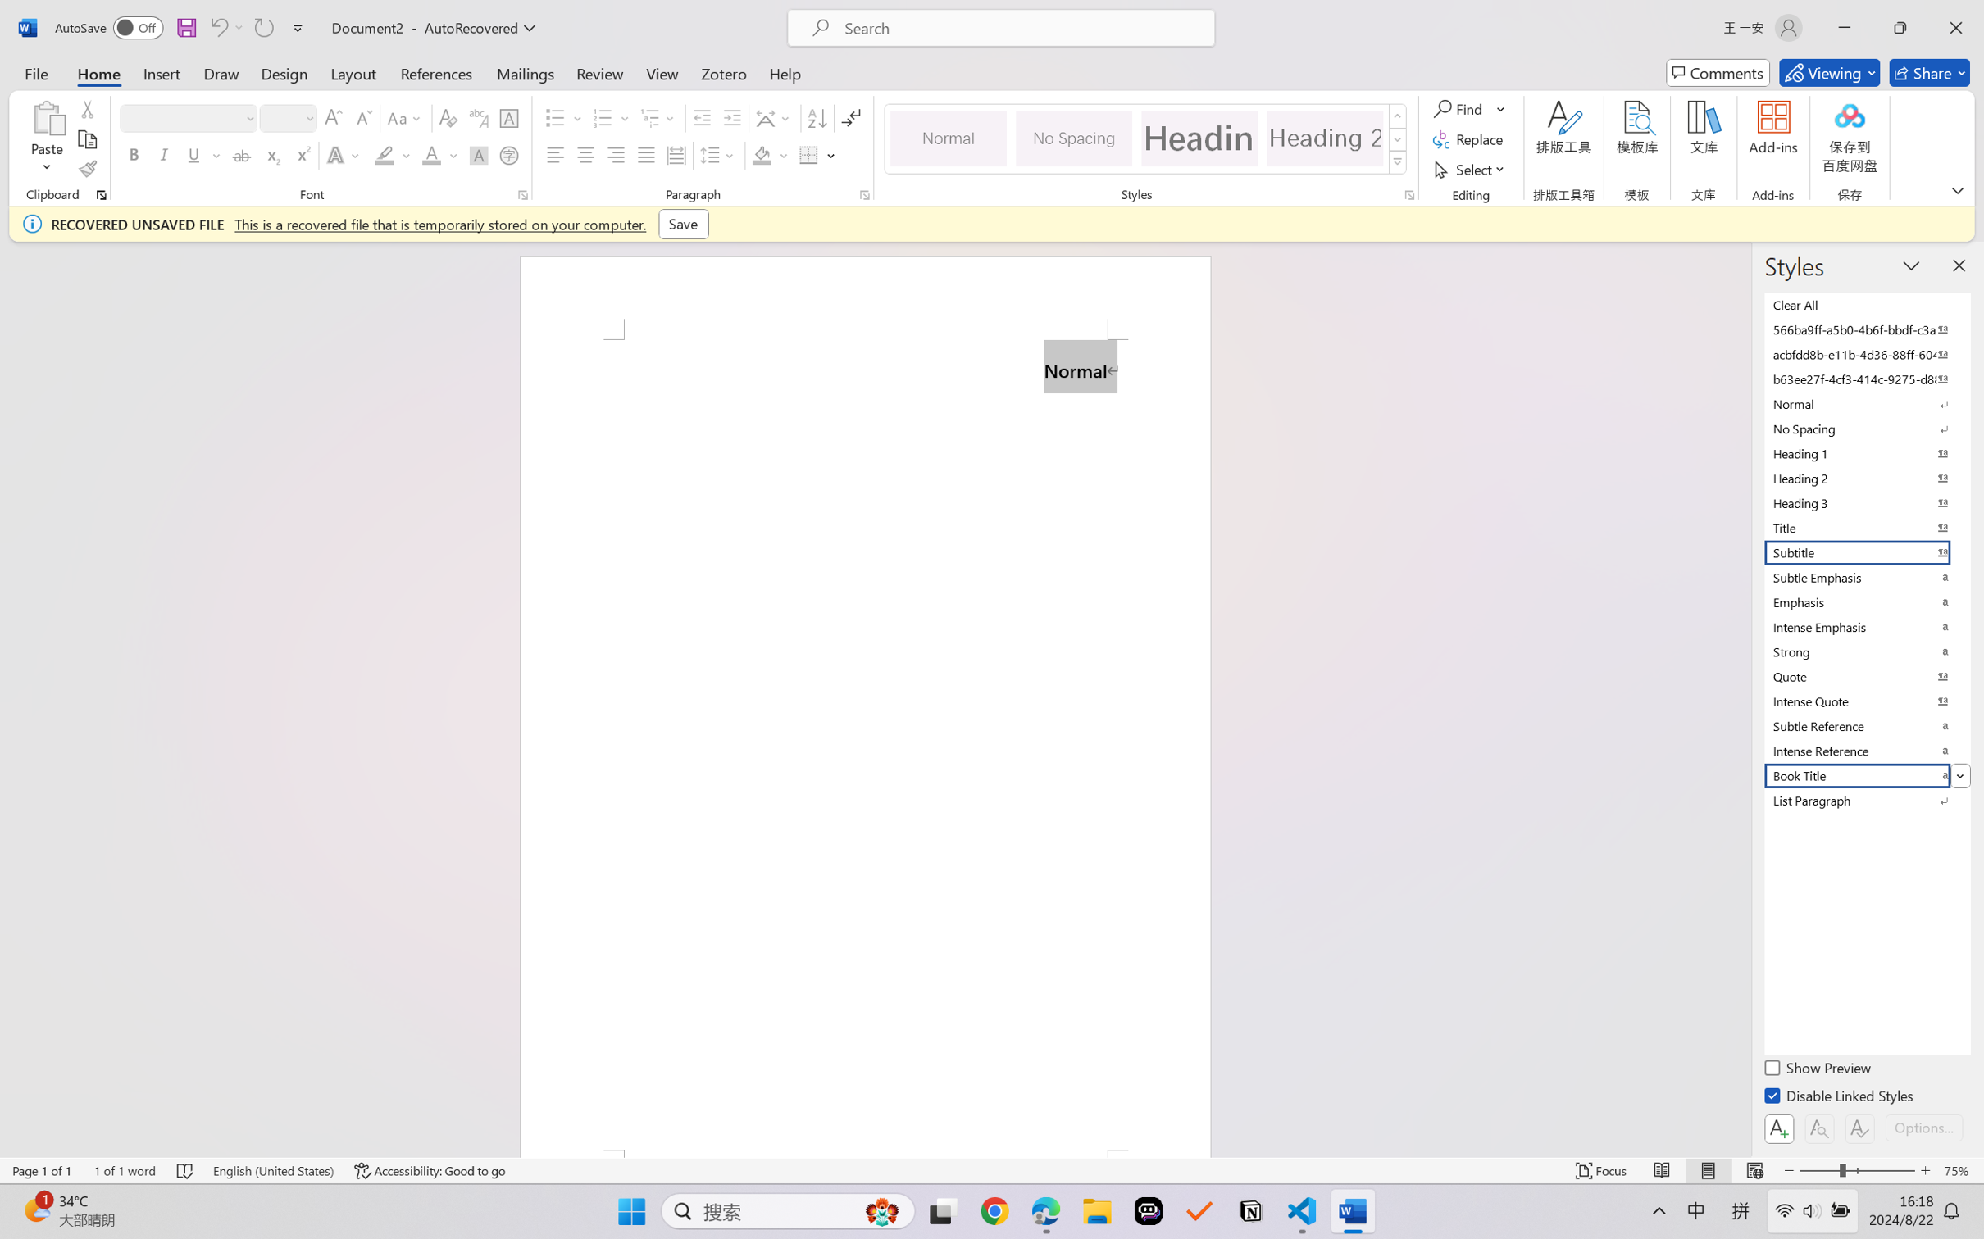 This screenshot has height=1239, width=1984. What do you see at coordinates (476, 154) in the screenshot?
I see `'Character Shading'` at bounding box center [476, 154].